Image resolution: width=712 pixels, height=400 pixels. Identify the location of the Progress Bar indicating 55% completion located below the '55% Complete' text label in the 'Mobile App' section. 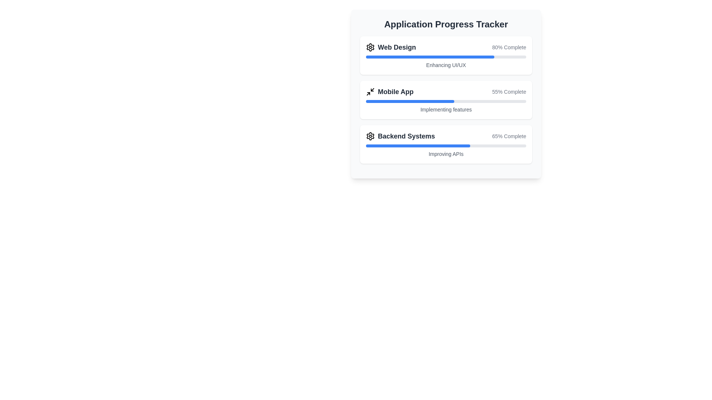
(446, 101).